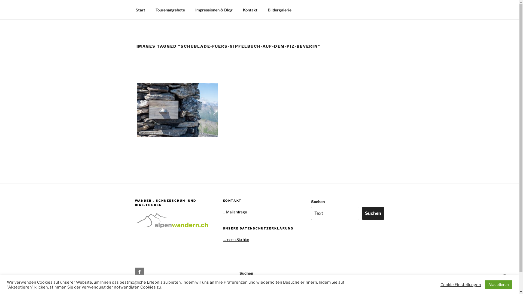 Image resolution: width=523 pixels, height=294 pixels. What do you see at coordinates (280, 10) in the screenshot?
I see `'Bildergalerie'` at bounding box center [280, 10].